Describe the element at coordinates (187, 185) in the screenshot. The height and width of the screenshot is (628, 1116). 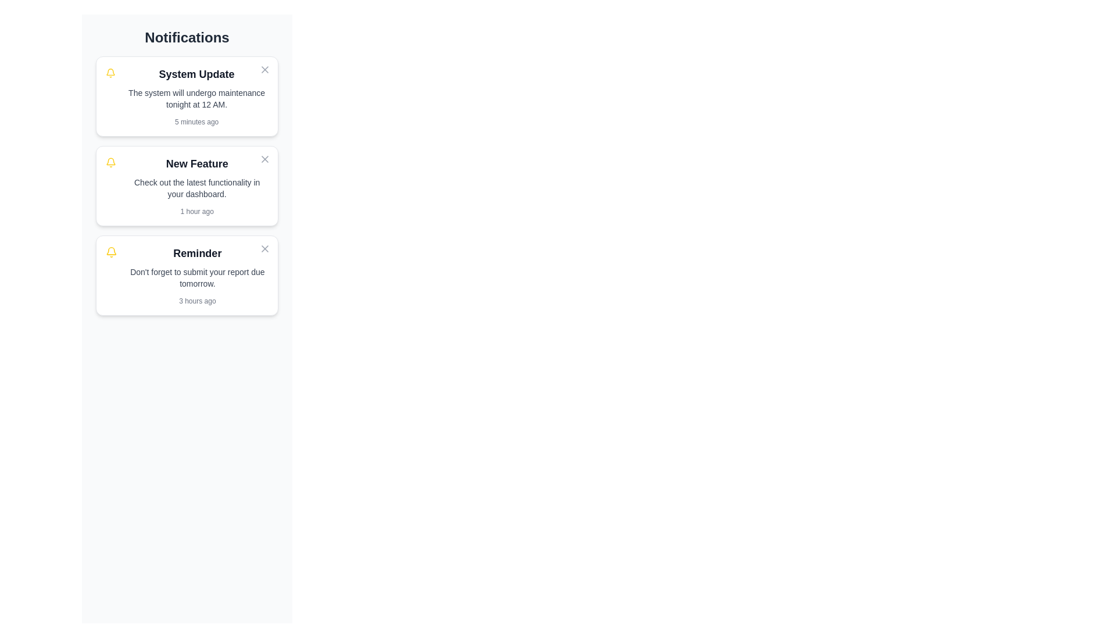
I see `the Notification card, which is the second card in the vertical stack of notifications, positioned centrally below 'System Update' and above 'Reminder'` at that location.